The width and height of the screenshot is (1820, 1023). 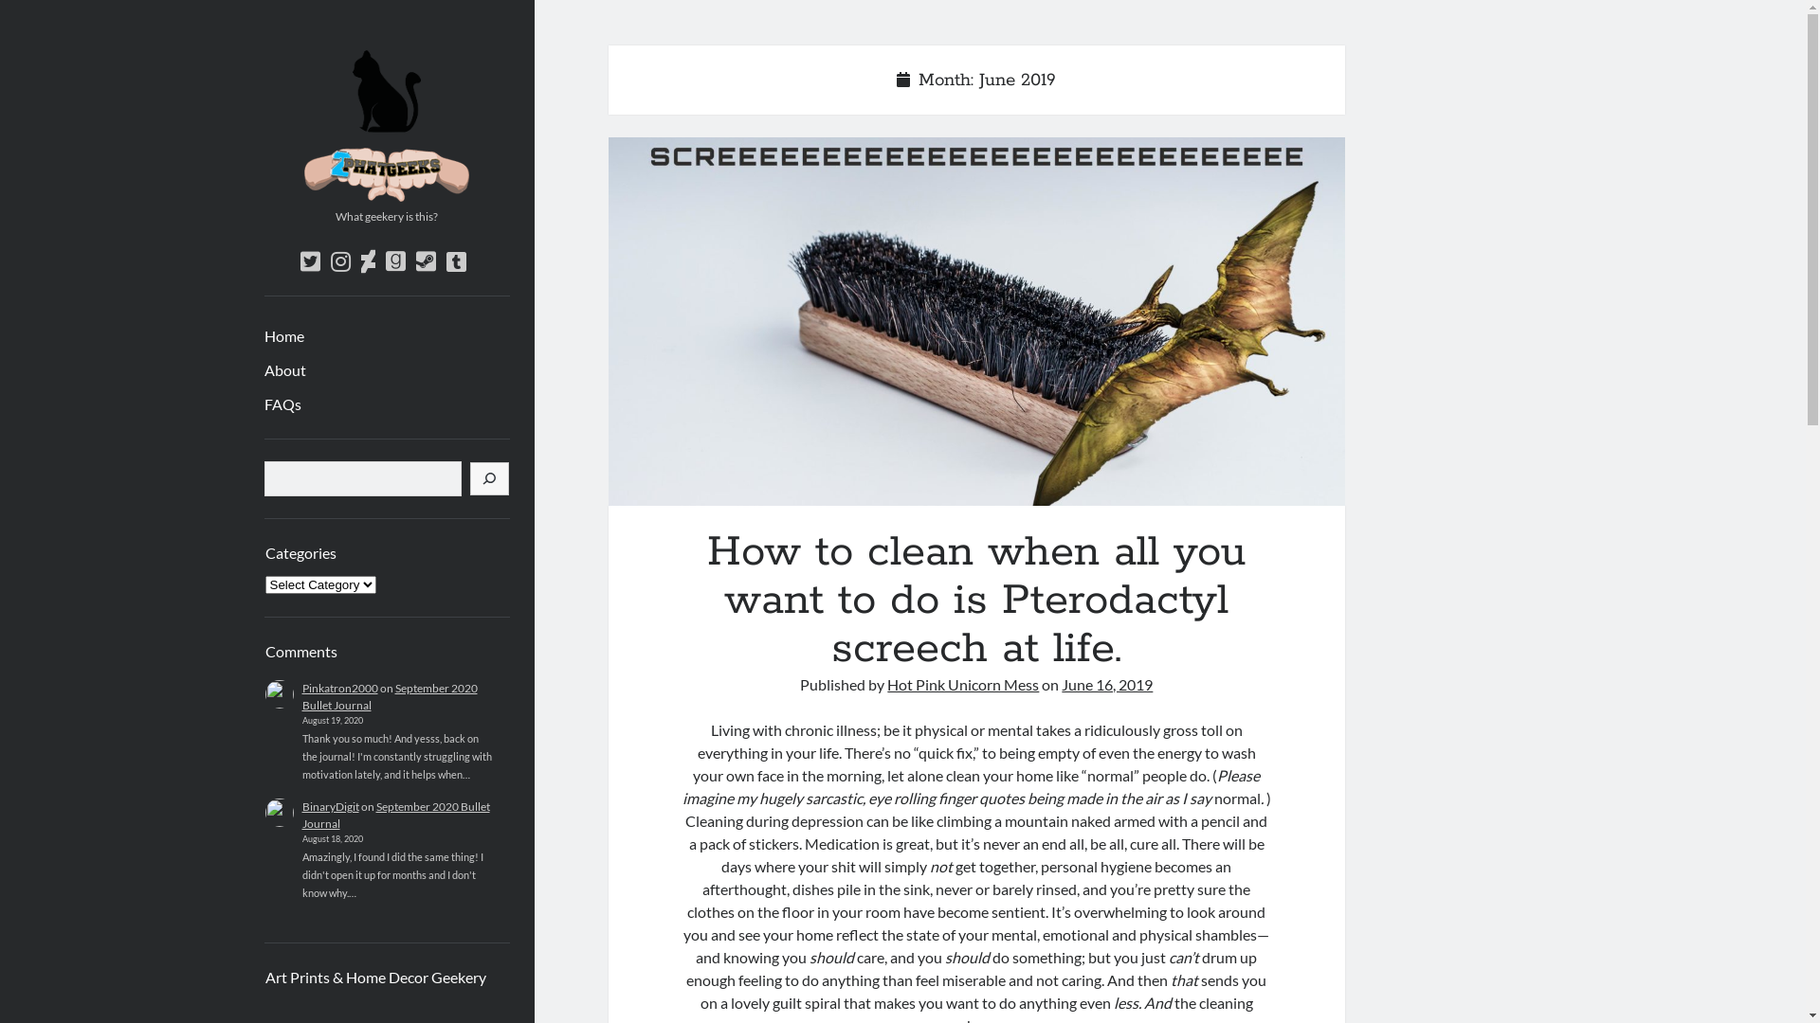 I want to click on 'goodreads', so click(x=384, y=261).